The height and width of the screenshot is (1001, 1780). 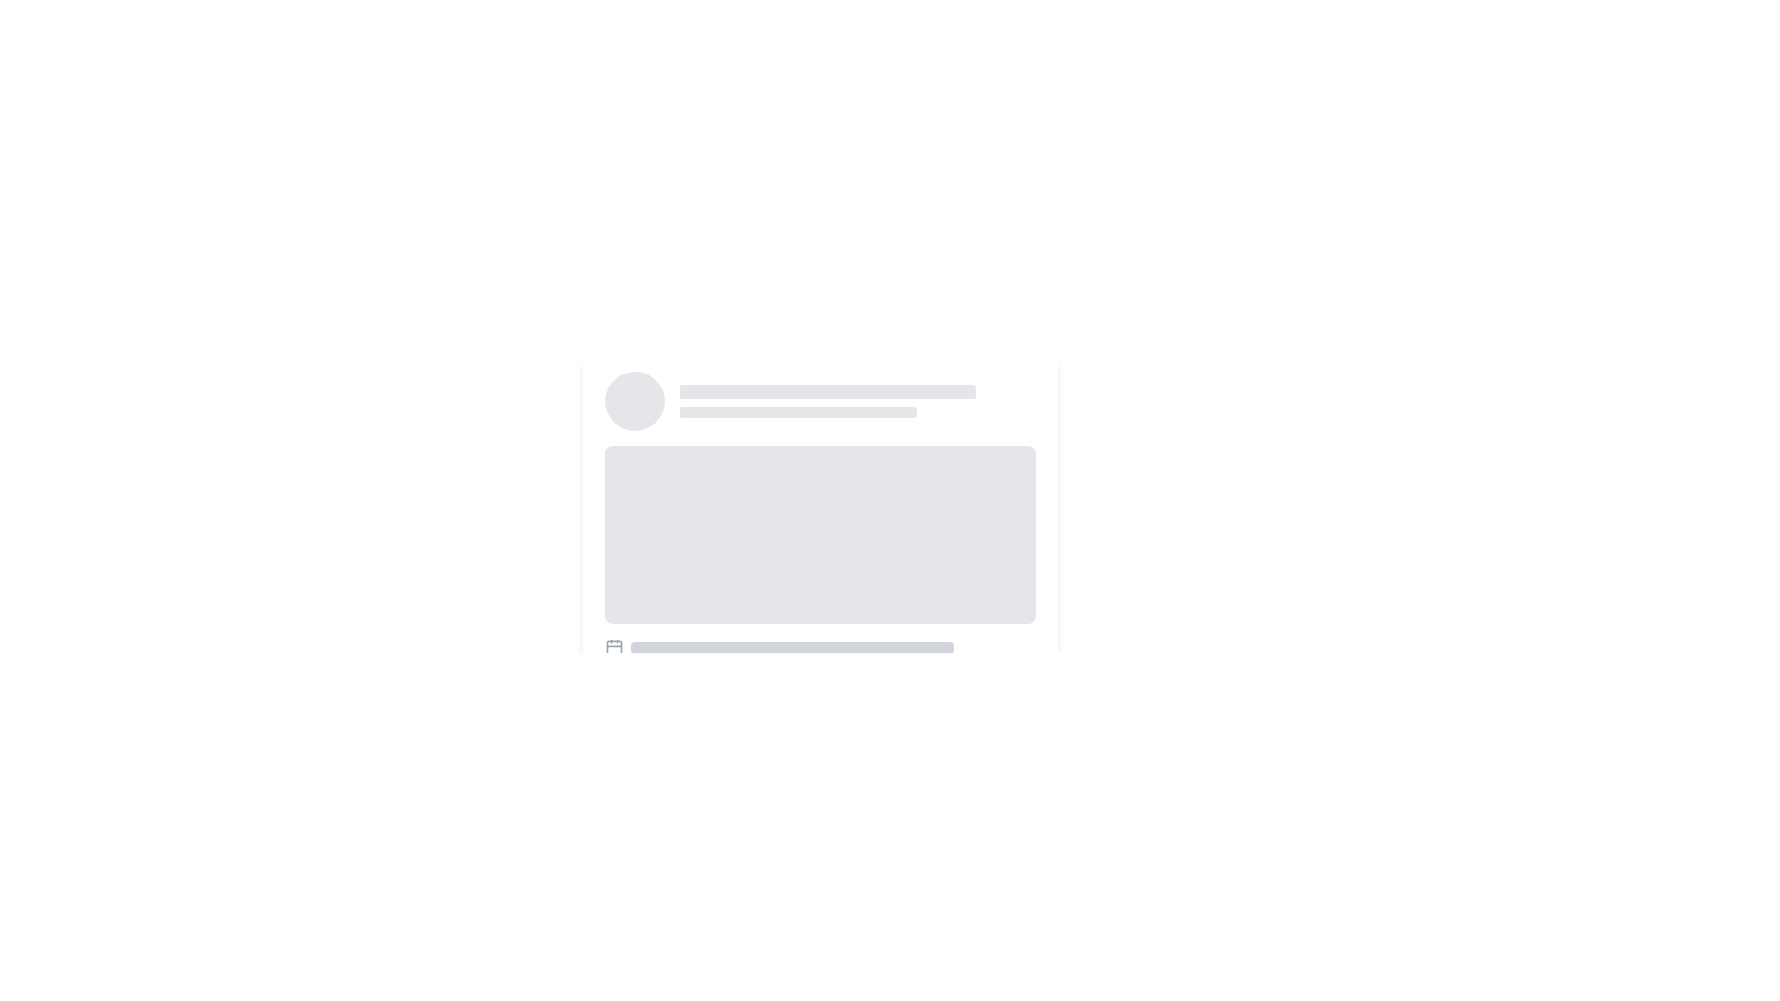 I want to click on the simplified calendar icon, so click(x=614, y=646).